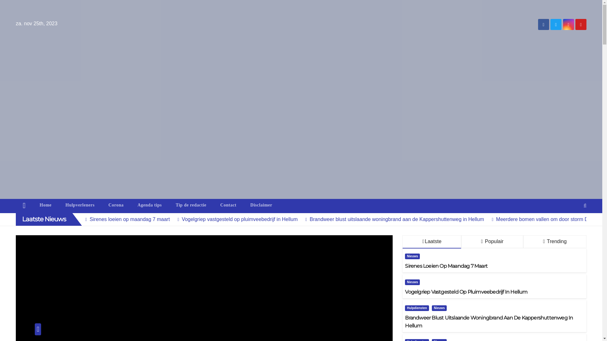 The image size is (607, 341). What do you see at coordinates (235, 219) in the screenshot?
I see `'Vogelgriep vastgesteld op pluimveebedrijf in Hellum'` at bounding box center [235, 219].